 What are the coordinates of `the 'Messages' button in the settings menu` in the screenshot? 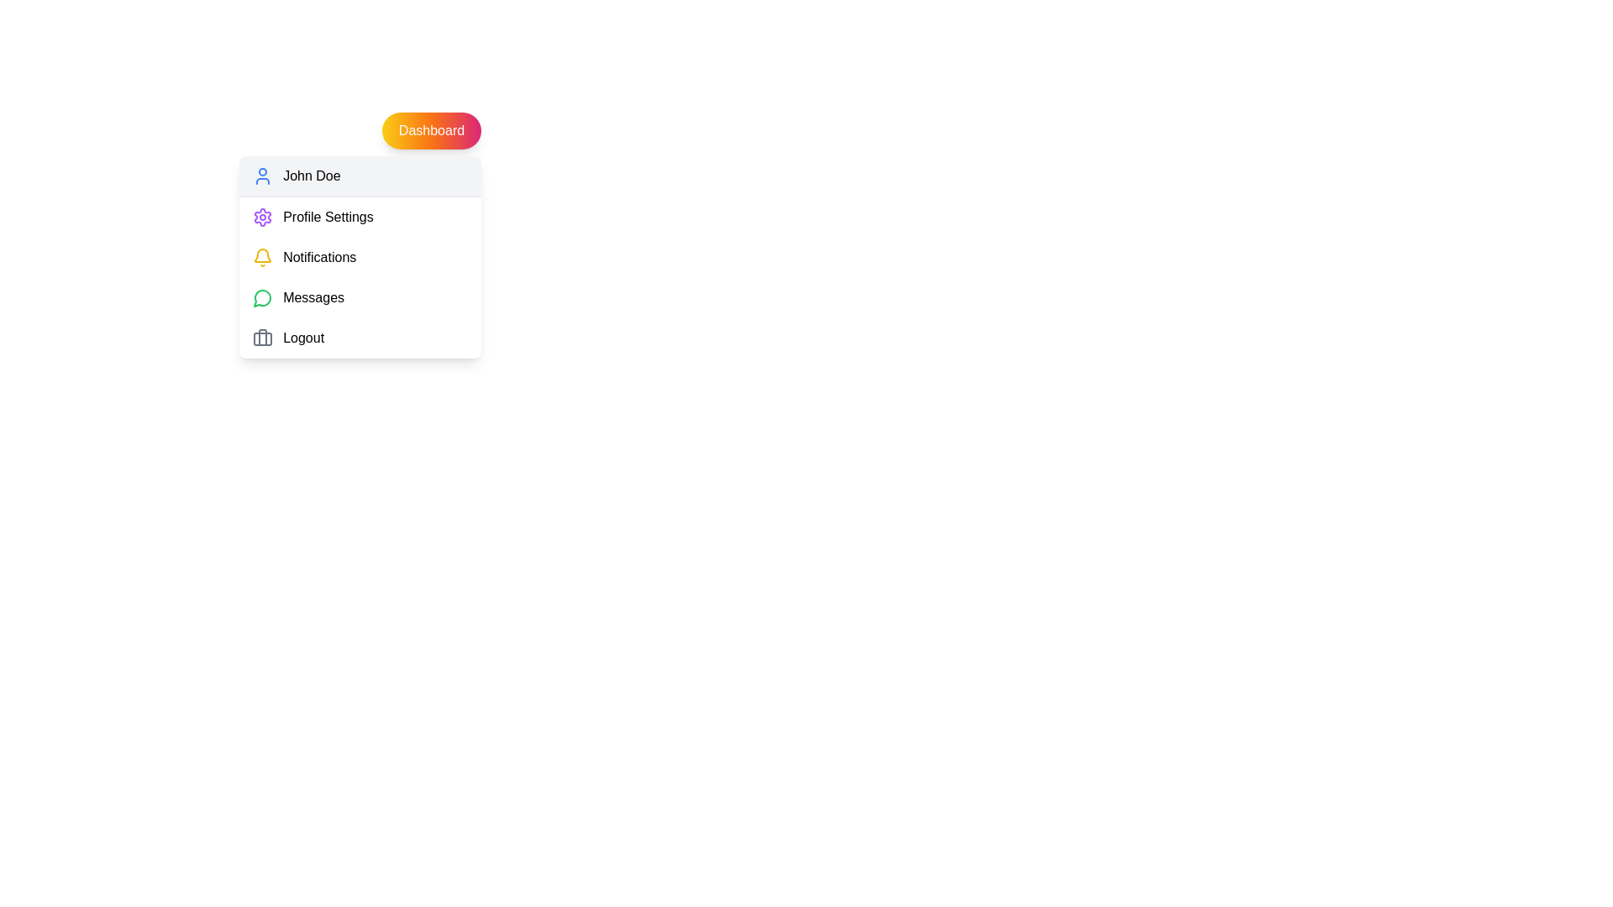 It's located at (359, 296).